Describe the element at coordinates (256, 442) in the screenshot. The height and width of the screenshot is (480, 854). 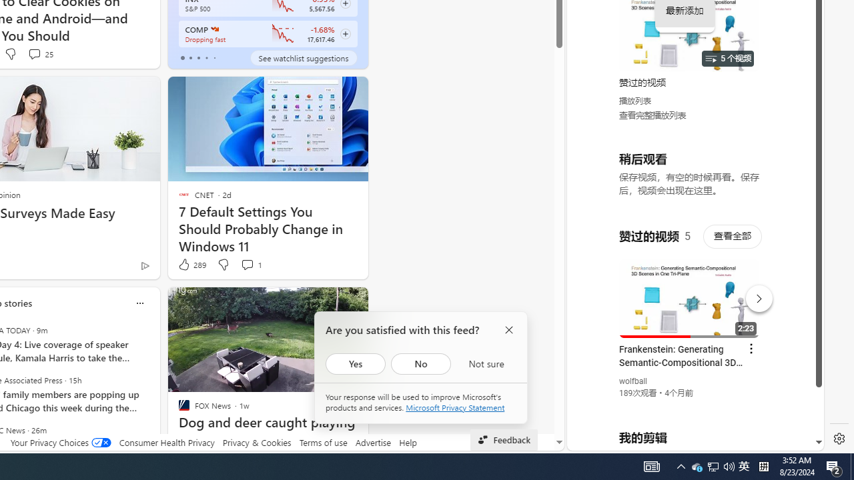
I see `'Privacy & Cookies'` at that location.